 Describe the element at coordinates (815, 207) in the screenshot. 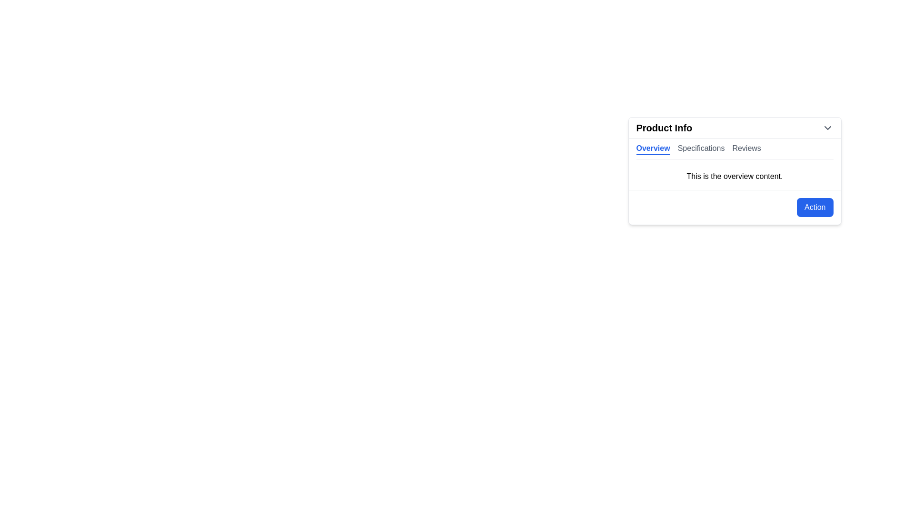

I see `the 'Action' button with a blue background and white text located at the bottom-right corner of the 'Product Info' box` at that location.